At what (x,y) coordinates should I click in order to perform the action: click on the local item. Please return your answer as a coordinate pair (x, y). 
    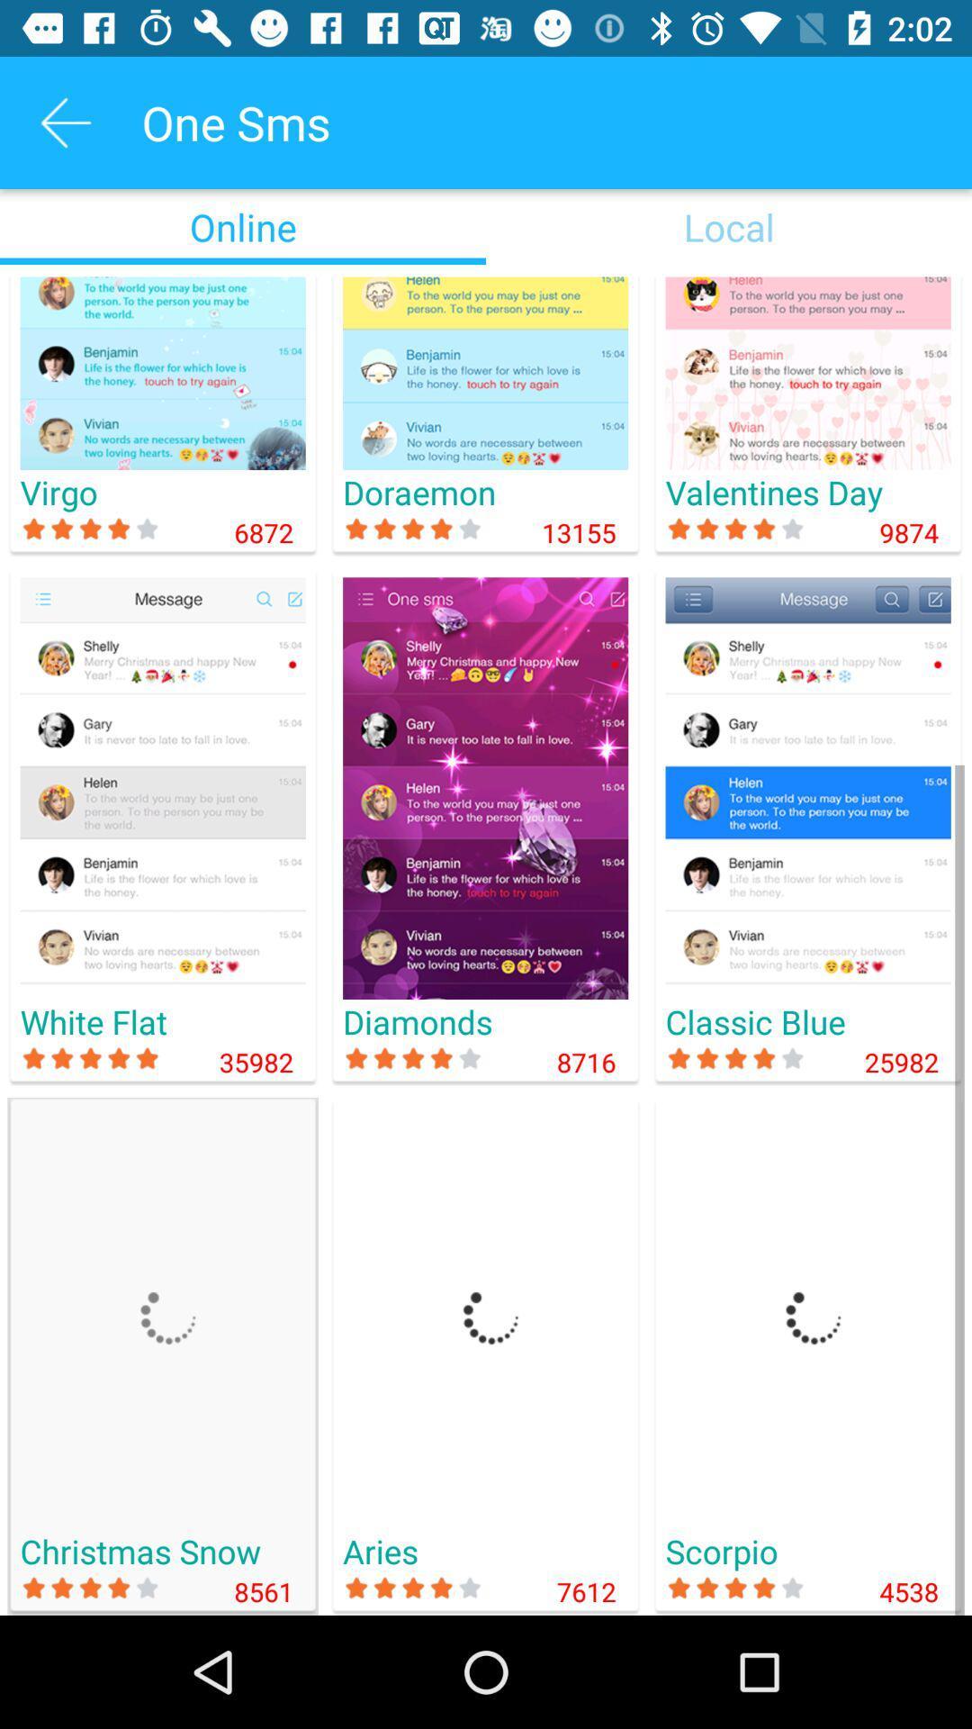
    Looking at the image, I should click on (729, 226).